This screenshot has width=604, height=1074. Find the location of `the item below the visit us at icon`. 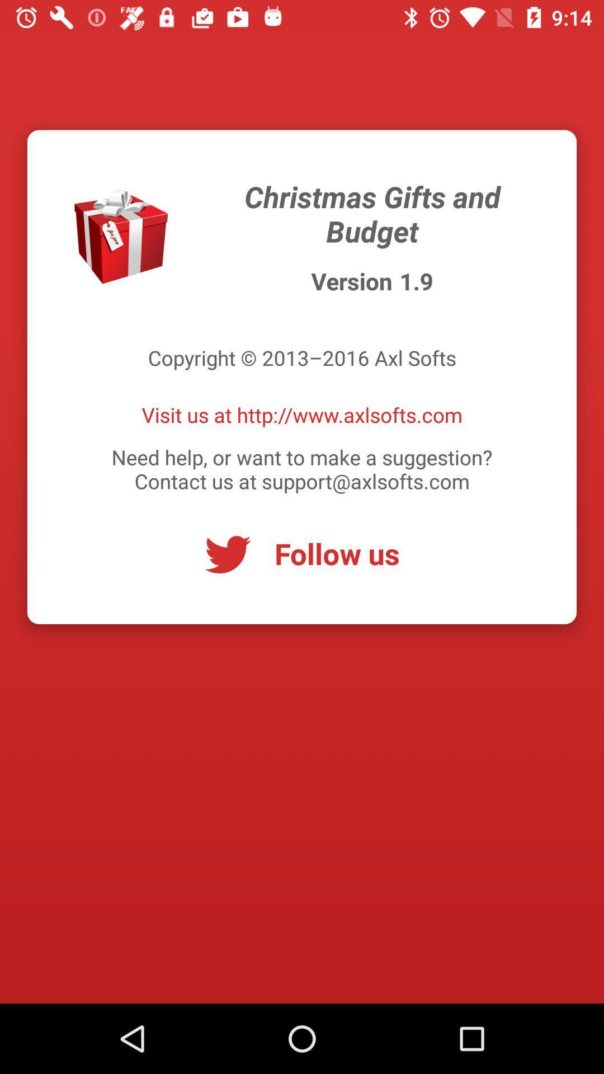

the item below the visit us at icon is located at coordinates (302, 469).